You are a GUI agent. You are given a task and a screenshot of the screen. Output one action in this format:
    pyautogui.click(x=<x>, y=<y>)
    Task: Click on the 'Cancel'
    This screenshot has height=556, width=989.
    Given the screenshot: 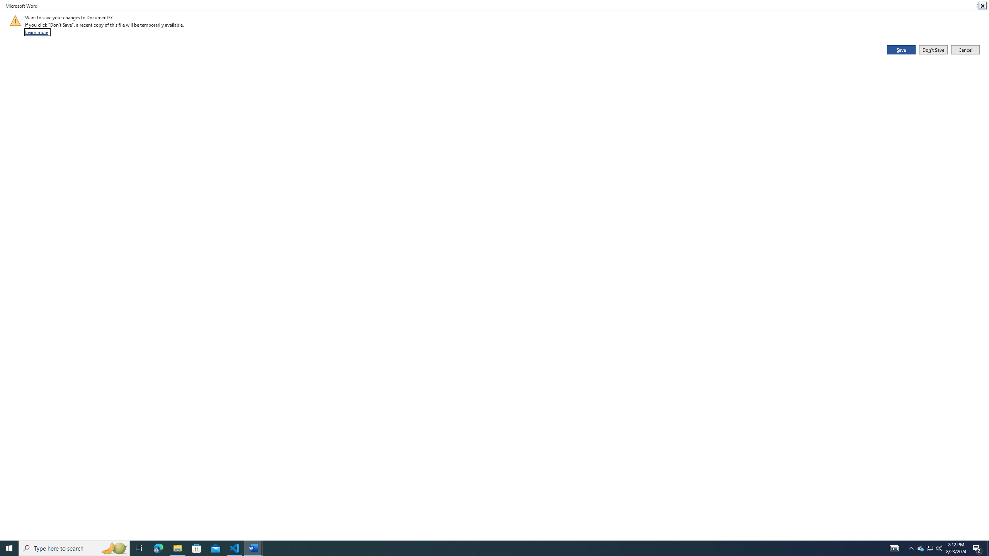 What is the action you would take?
    pyautogui.click(x=965, y=49)
    